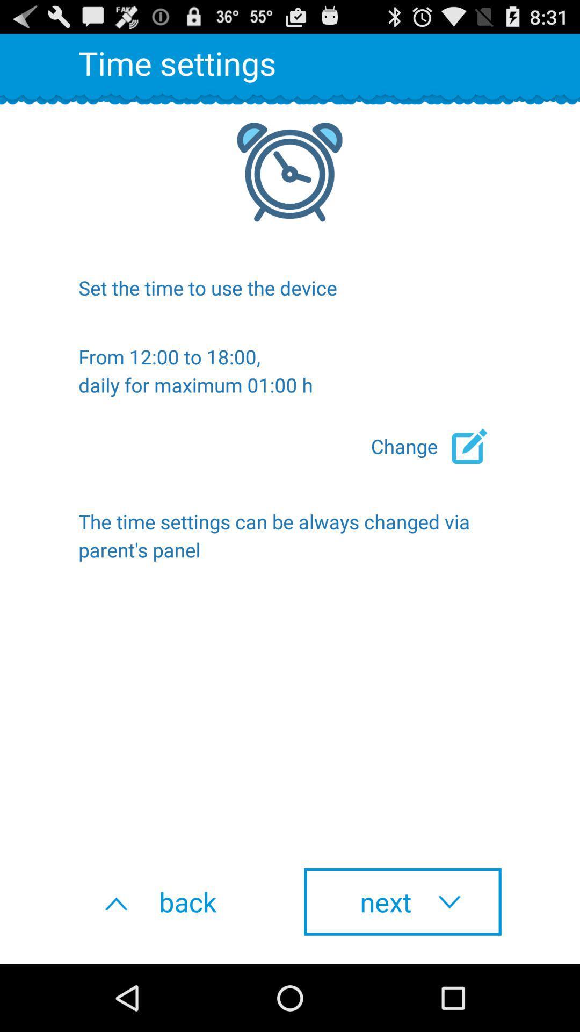 The width and height of the screenshot is (580, 1032). I want to click on the icon on the right, so click(436, 446).